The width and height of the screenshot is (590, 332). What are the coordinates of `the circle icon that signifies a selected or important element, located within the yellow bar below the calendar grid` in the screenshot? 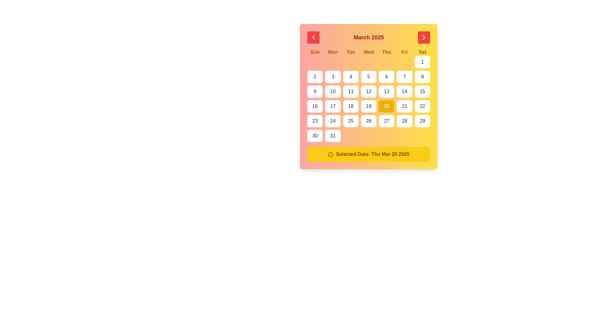 It's located at (330, 154).